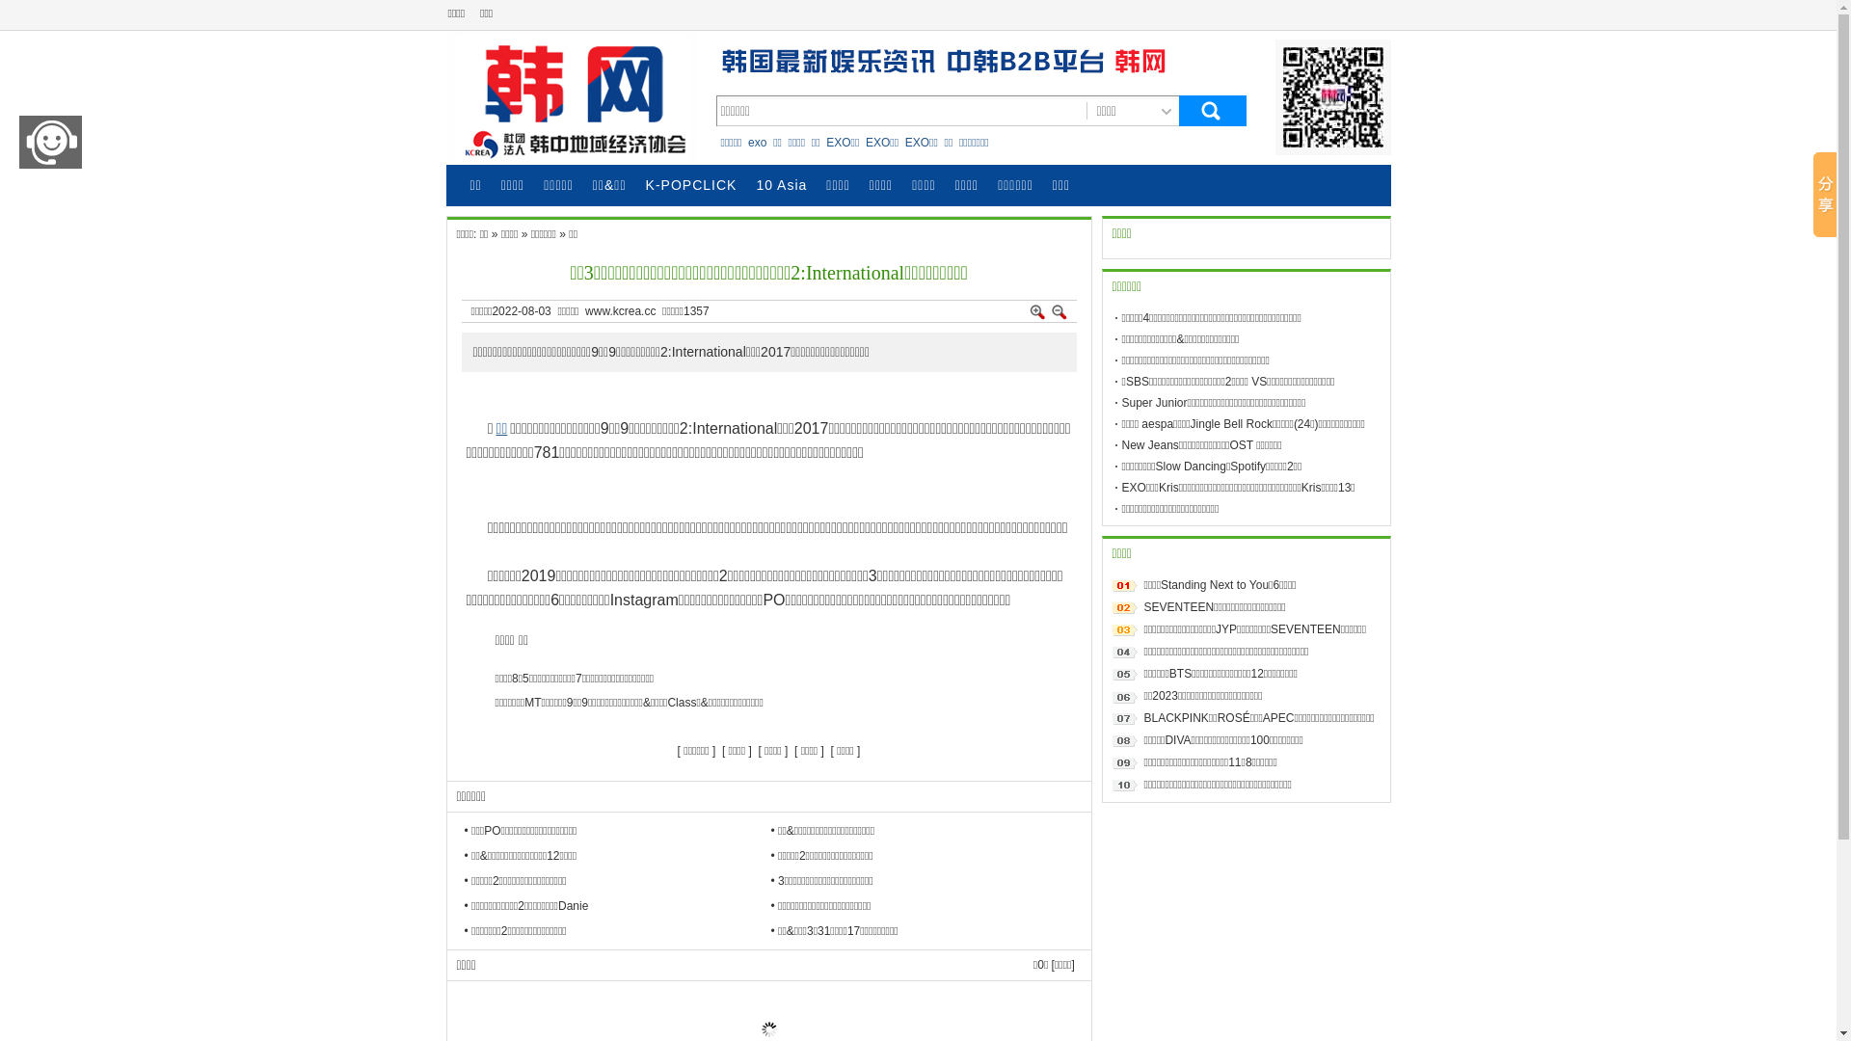 The width and height of the screenshot is (1851, 1041). I want to click on 'K-POPCLICK', so click(691, 185).